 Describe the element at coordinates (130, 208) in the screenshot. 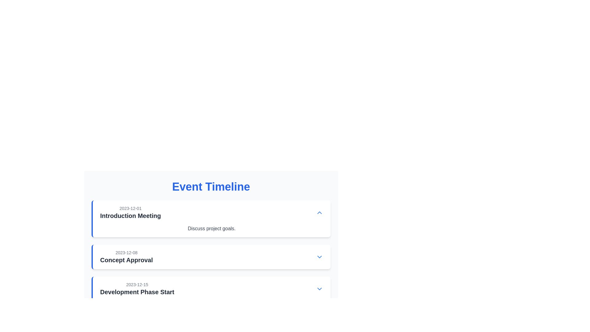

I see `the Text Label displaying '2023-12-01', which is positioned above the 'Introduction Meeting' title within the 'Event Timeline' section` at that location.